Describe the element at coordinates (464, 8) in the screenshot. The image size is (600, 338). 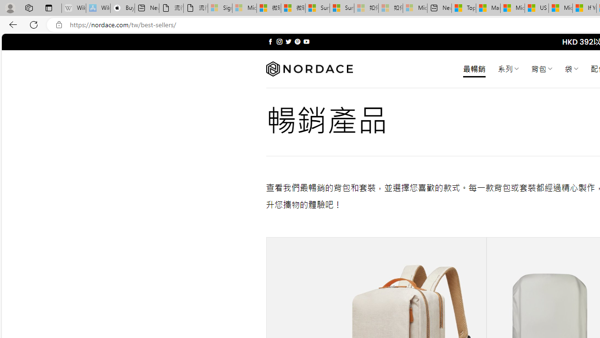
I see `'Top Stories - MSN'` at that location.